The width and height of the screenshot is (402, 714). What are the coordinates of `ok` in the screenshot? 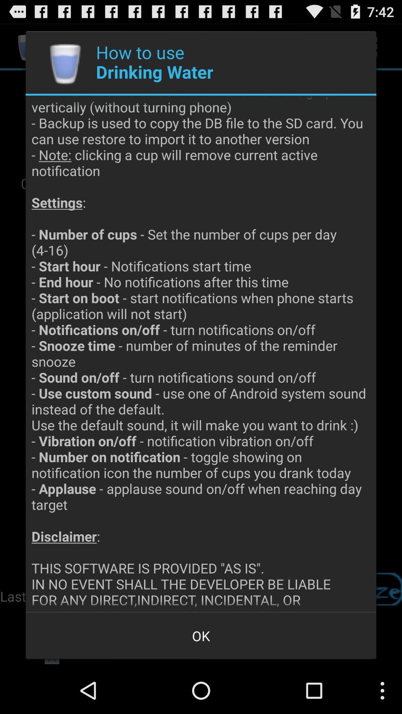 It's located at (201, 635).